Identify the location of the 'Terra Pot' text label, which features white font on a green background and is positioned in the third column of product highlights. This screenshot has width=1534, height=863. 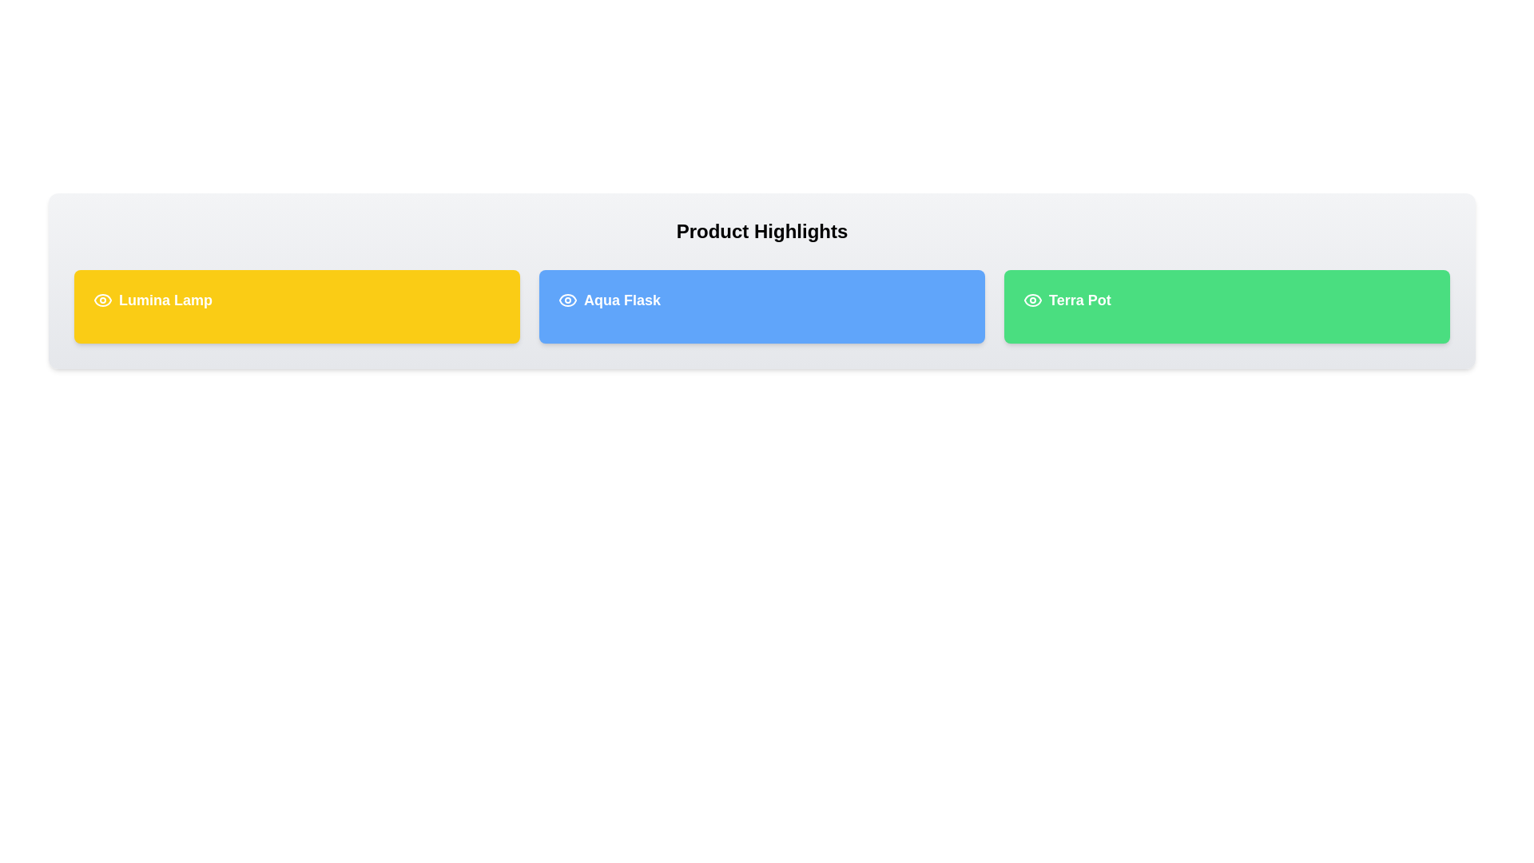
(1079, 300).